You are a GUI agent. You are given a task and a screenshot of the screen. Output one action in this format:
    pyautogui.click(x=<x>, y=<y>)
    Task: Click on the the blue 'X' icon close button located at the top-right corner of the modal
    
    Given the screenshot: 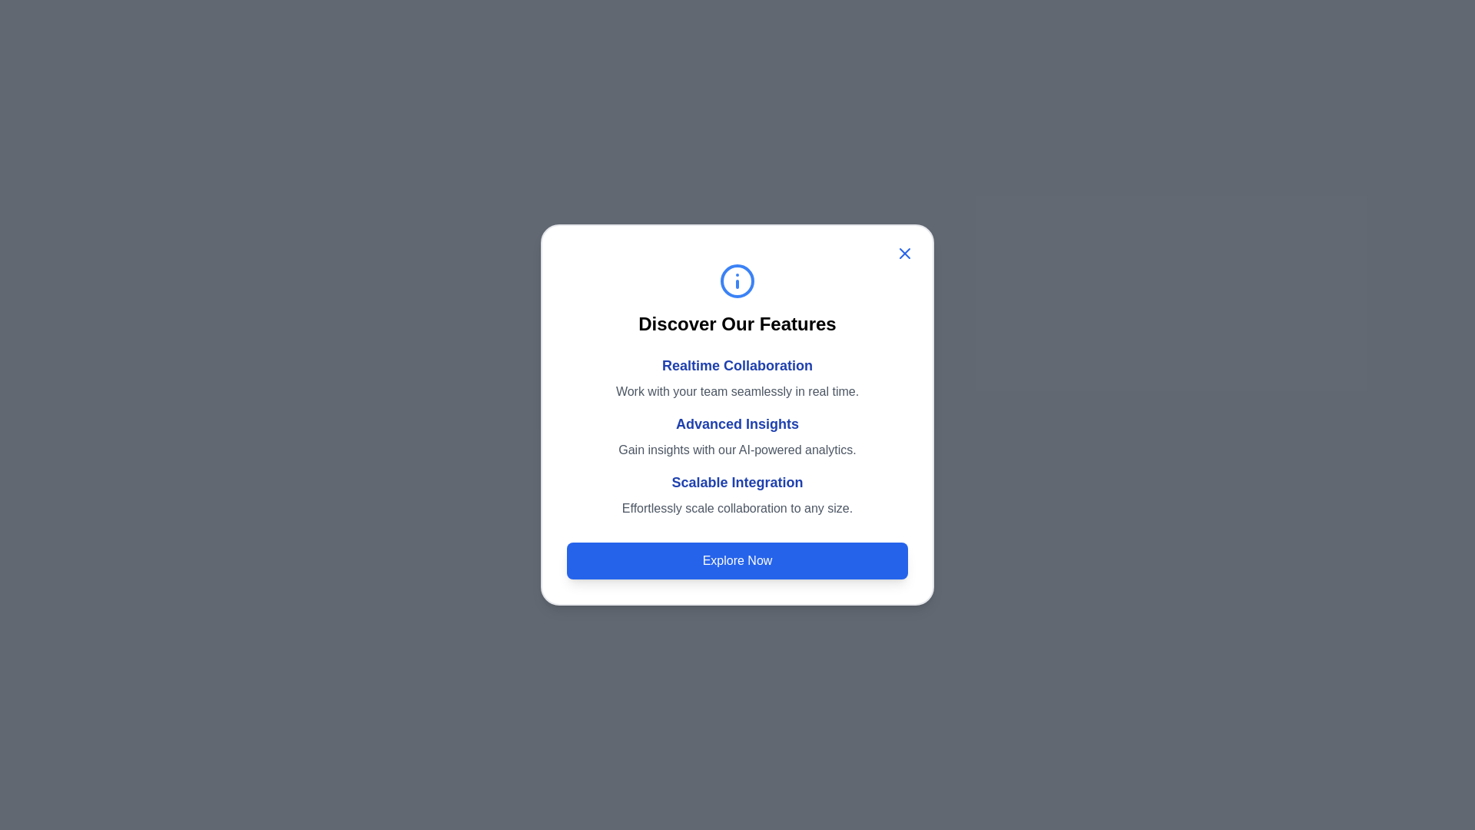 What is the action you would take?
    pyautogui.click(x=904, y=253)
    